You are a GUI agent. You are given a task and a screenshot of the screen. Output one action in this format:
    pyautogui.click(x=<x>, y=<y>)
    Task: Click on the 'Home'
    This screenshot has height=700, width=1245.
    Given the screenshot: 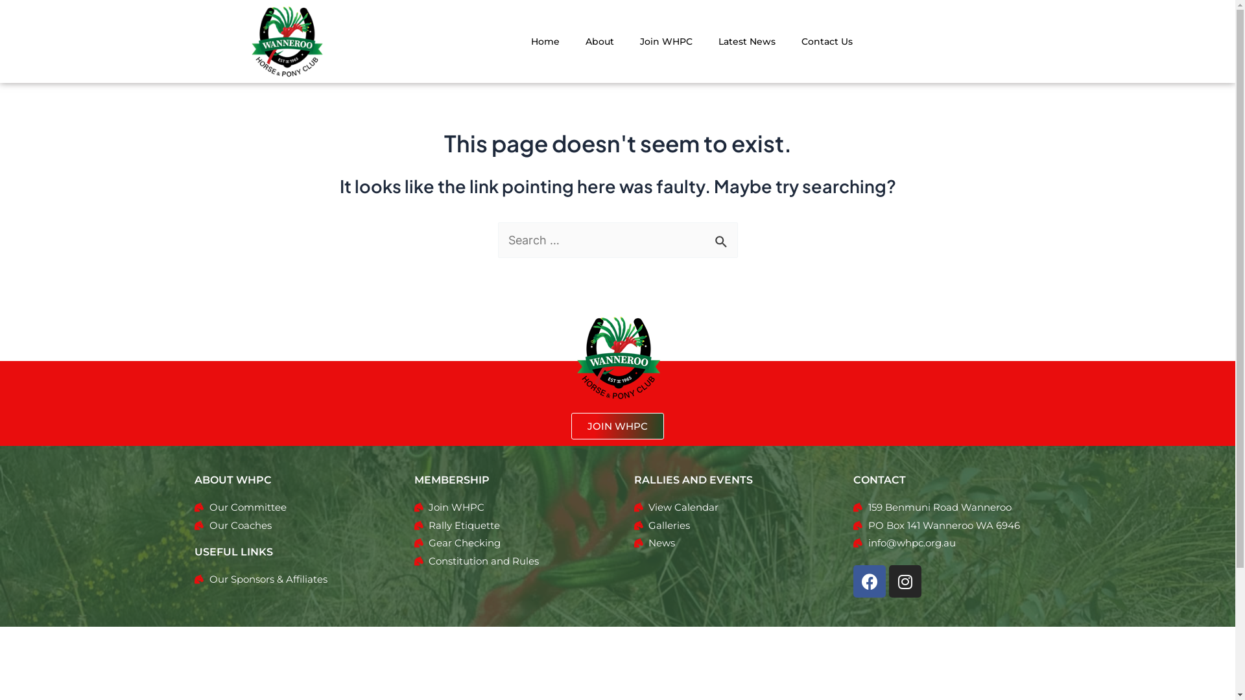 What is the action you would take?
    pyautogui.click(x=545, y=41)
    